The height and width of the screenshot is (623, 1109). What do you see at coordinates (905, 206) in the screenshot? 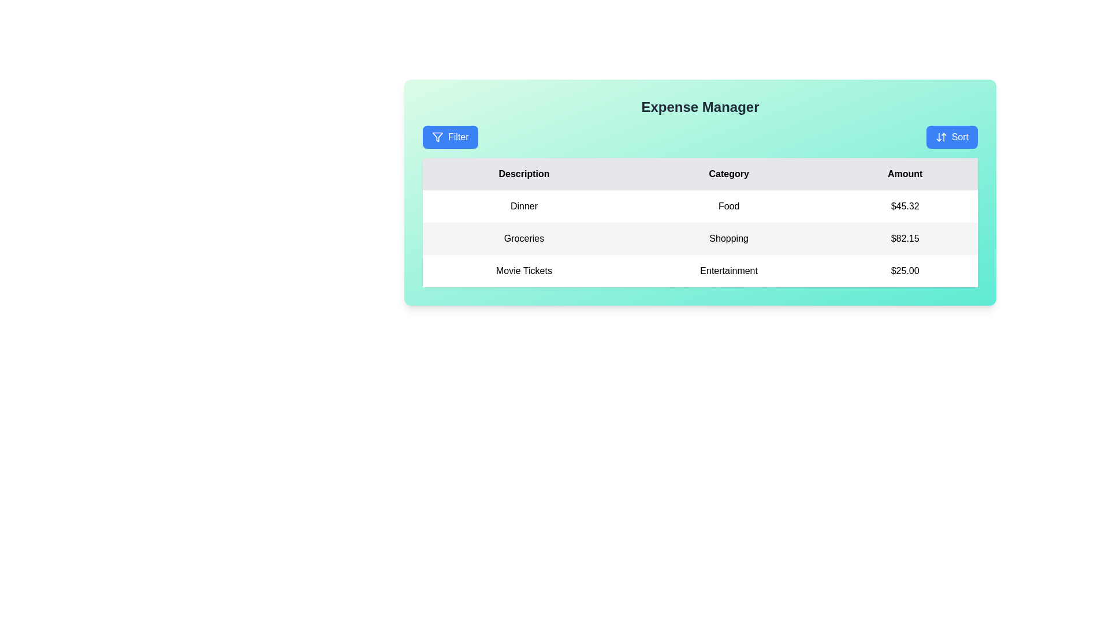
I see `the static text displaying the monetary value associated with the 'Food' category in the second row, third column of the table under the 'Amount' column` at bounding box center [905, 206].